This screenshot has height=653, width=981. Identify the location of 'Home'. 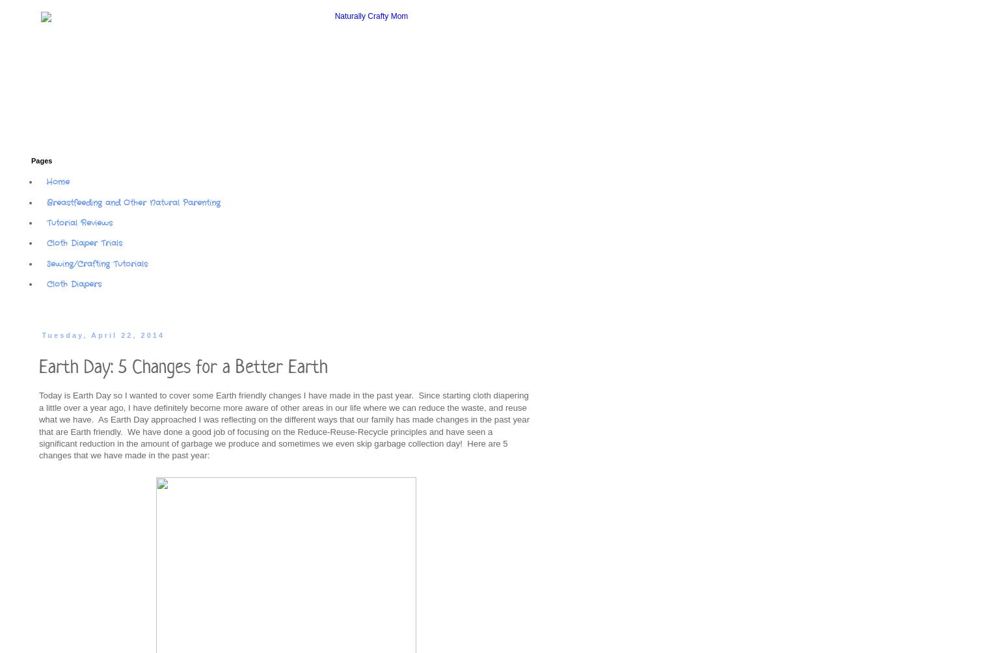
(57, 182).